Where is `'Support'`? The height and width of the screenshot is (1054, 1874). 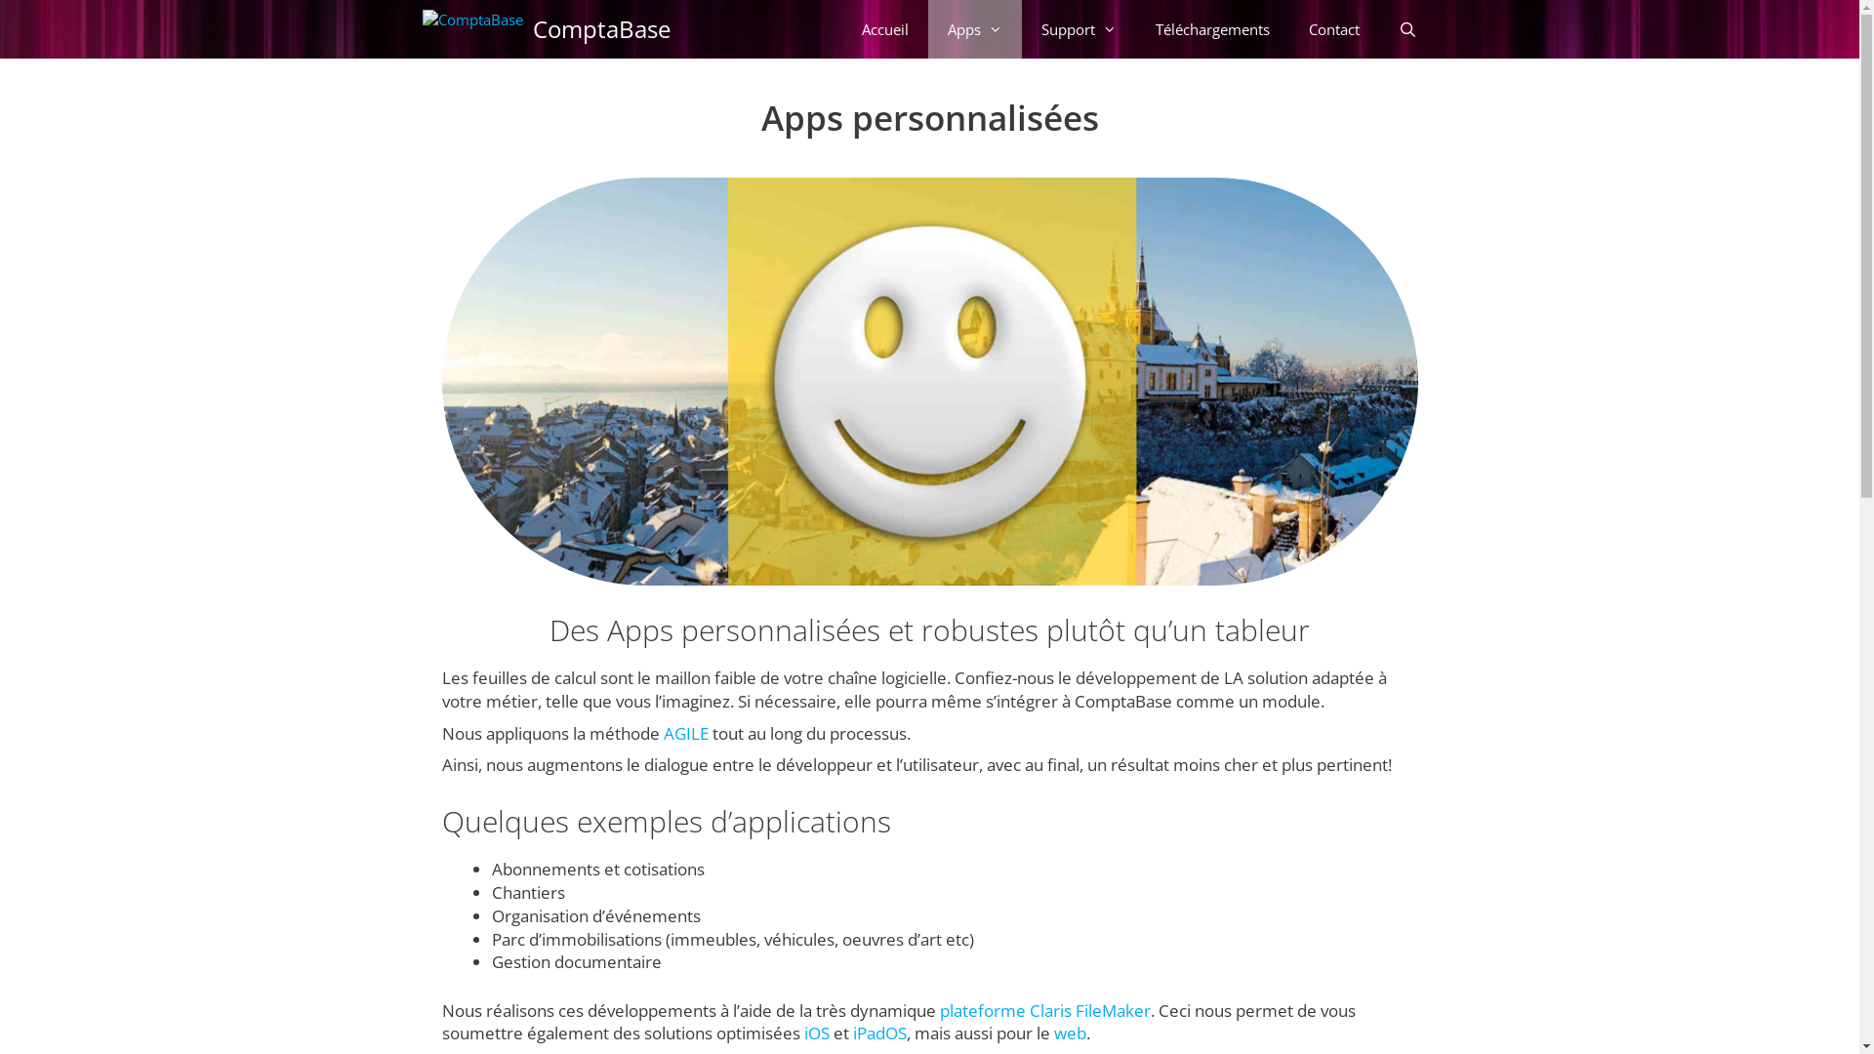 'Support' is located at coordinates (1078, 29).